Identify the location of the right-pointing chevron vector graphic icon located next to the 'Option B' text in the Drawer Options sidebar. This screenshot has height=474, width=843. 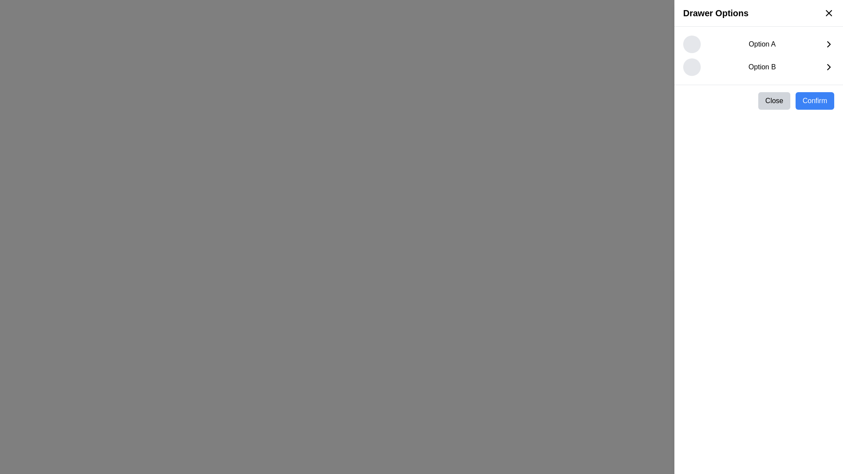
(828, 67).